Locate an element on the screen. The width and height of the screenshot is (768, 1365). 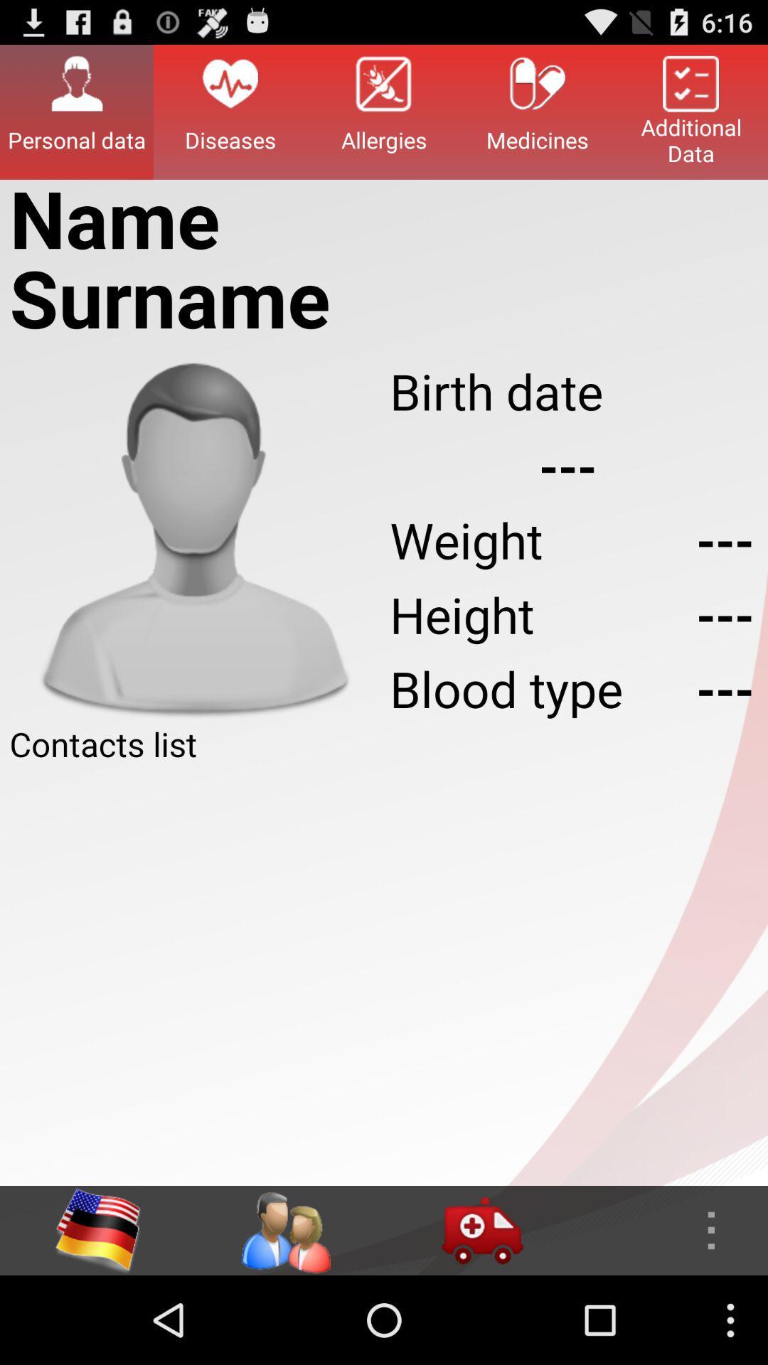
the button next to personal data item is located at coordinates (230, 111).